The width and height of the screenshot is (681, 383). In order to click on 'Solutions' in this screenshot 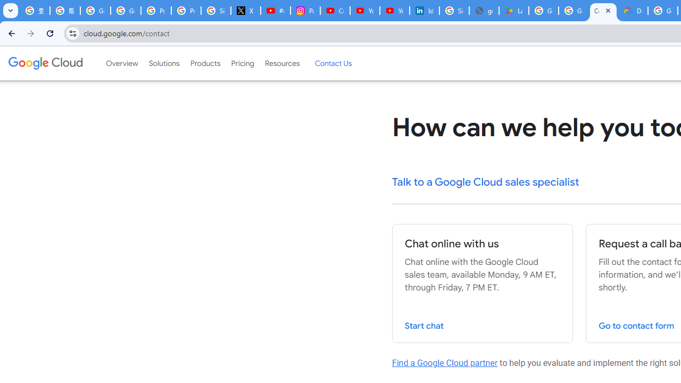, I will do `click(163, 63)`.